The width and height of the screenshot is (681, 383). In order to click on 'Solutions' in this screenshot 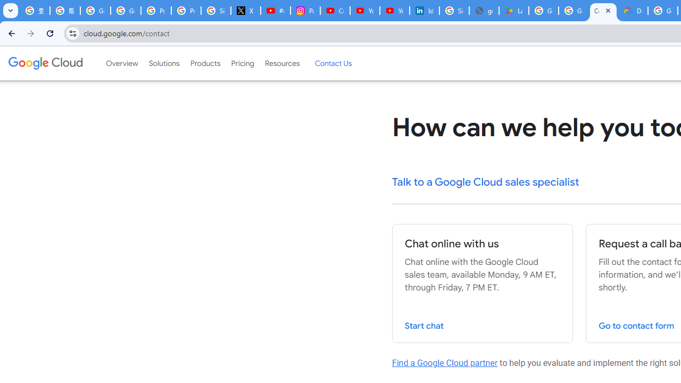, I will do `click(163, 63)`.